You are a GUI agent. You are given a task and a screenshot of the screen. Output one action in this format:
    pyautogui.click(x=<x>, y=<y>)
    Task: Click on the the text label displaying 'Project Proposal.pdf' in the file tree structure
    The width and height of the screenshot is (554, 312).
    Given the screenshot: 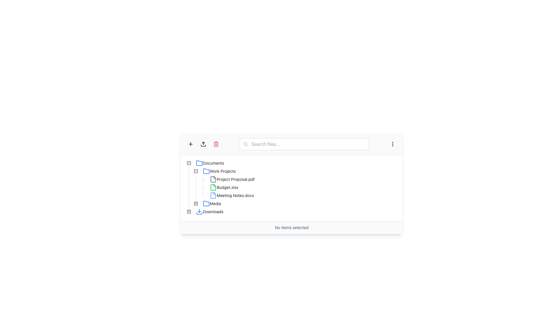 What is the action you would take?
    pyautogui.click(x=235, y=179)
    